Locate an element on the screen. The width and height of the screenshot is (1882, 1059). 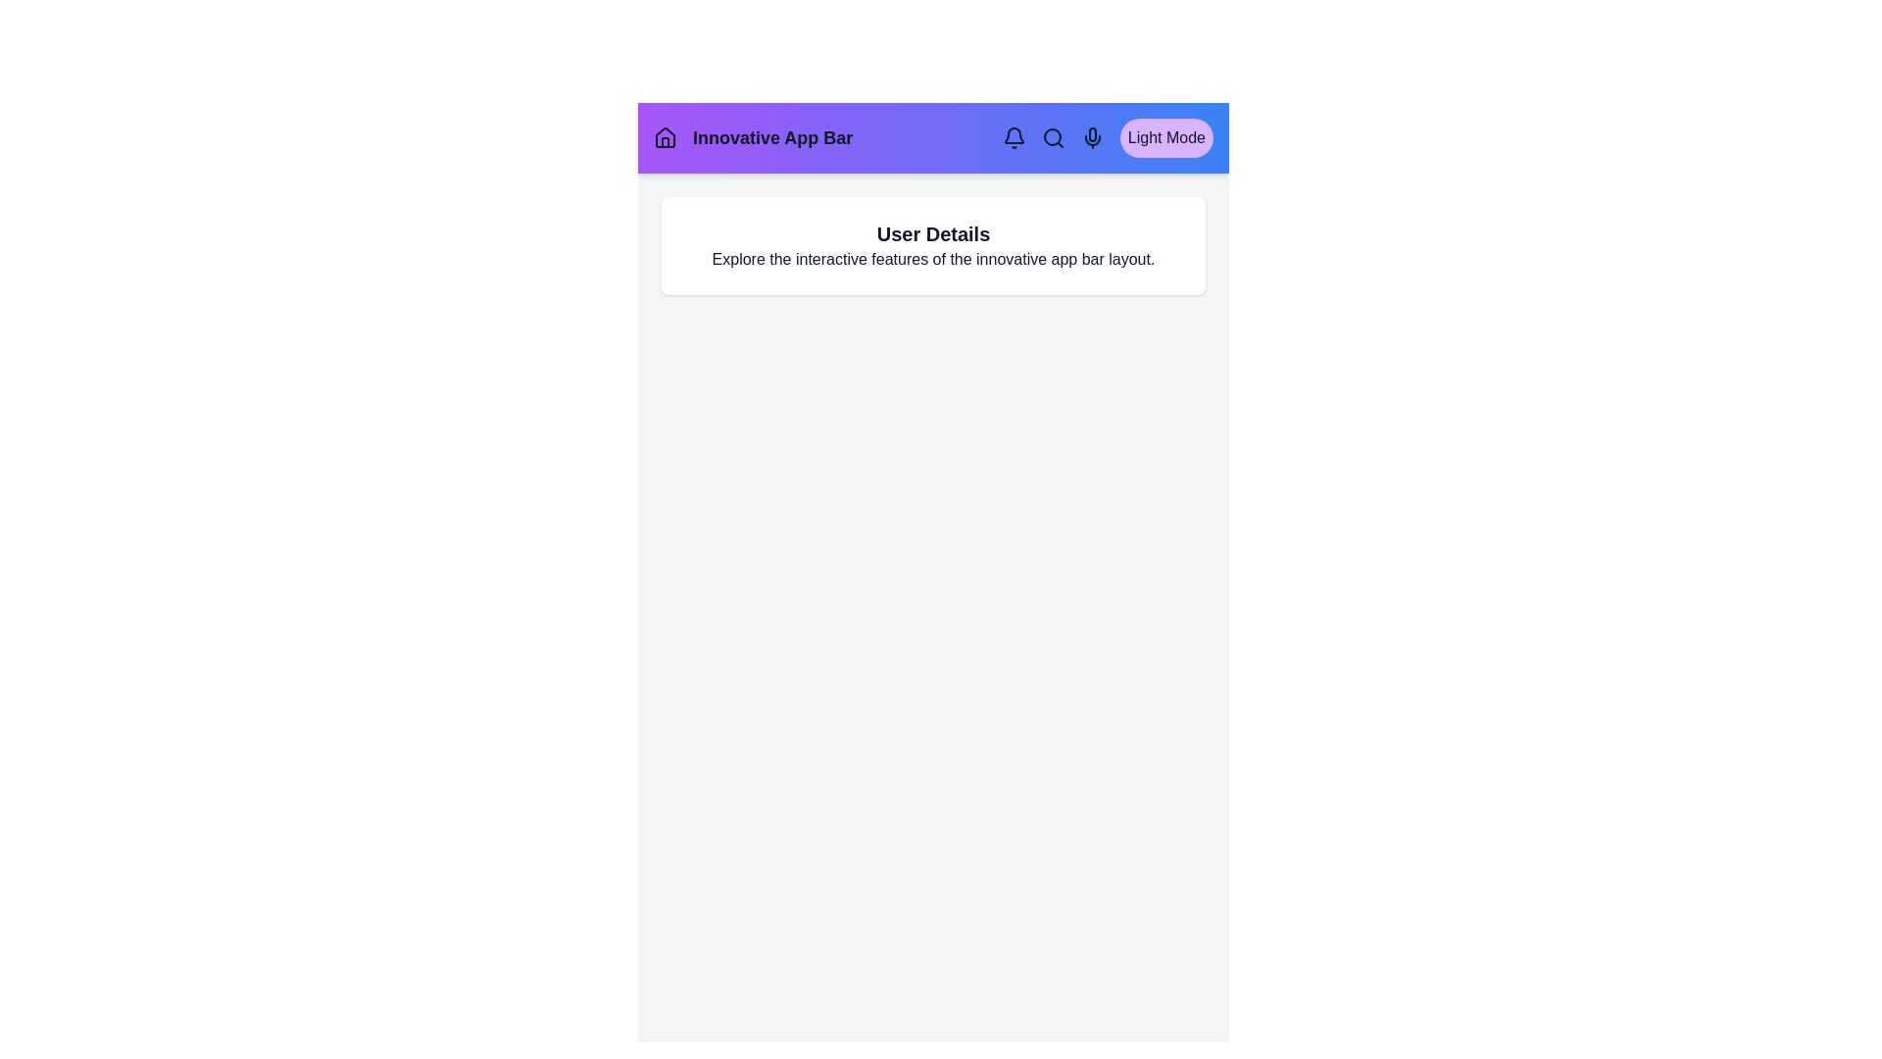
the navigation element Home is located at coordinates (665, 137).